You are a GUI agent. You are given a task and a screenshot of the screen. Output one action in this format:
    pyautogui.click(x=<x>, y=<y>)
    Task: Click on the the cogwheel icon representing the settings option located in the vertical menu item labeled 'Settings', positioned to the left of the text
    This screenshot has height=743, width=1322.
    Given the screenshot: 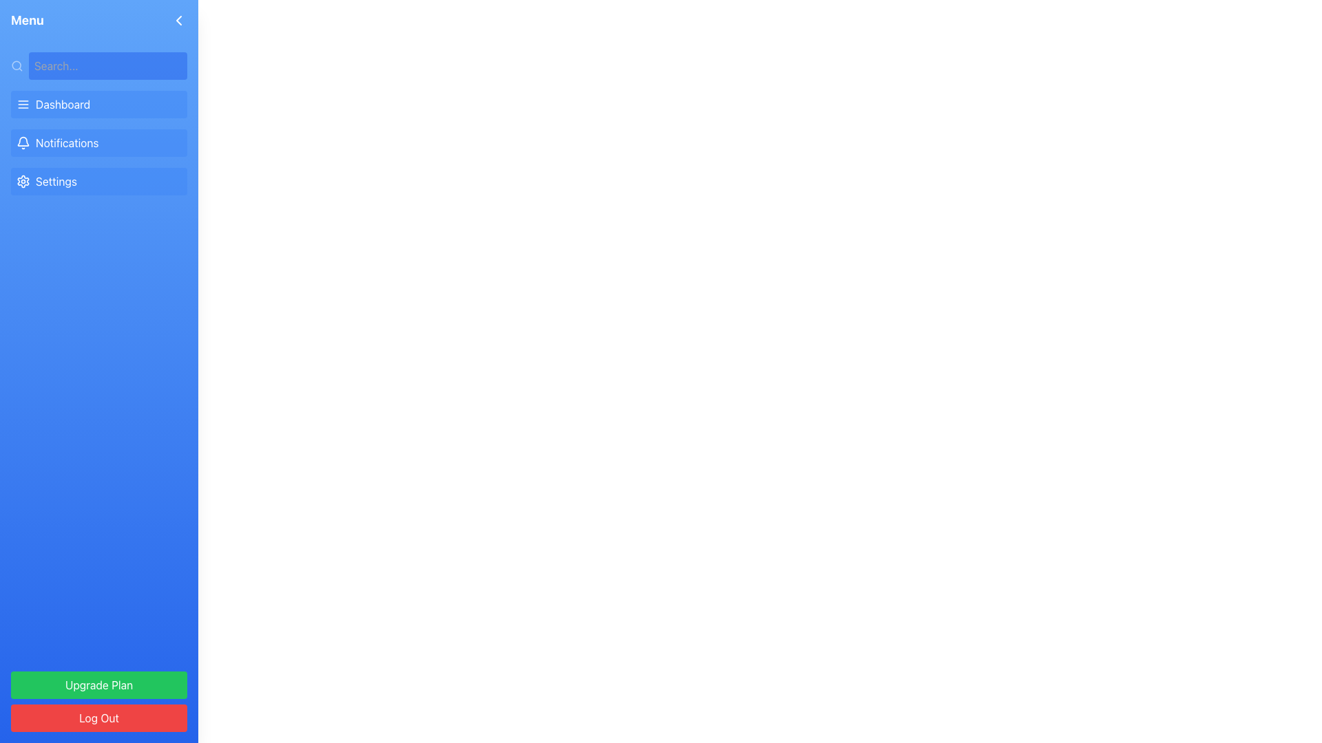 What is the action you would take?
    pyautogui.click(x=23, y=180)
    